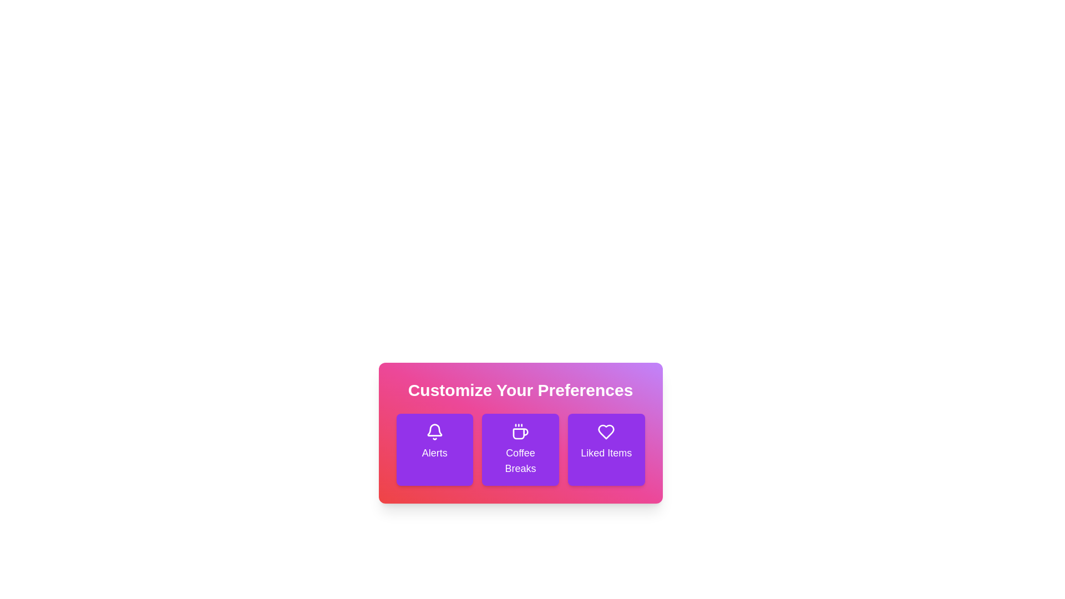 Image resolution: width=1065 pixels, height=599 pixels. I want to click on the 'Alerts' icon, which is the top icon in the 'Alerts' section of the lower preferences panel, so click(434, 432).